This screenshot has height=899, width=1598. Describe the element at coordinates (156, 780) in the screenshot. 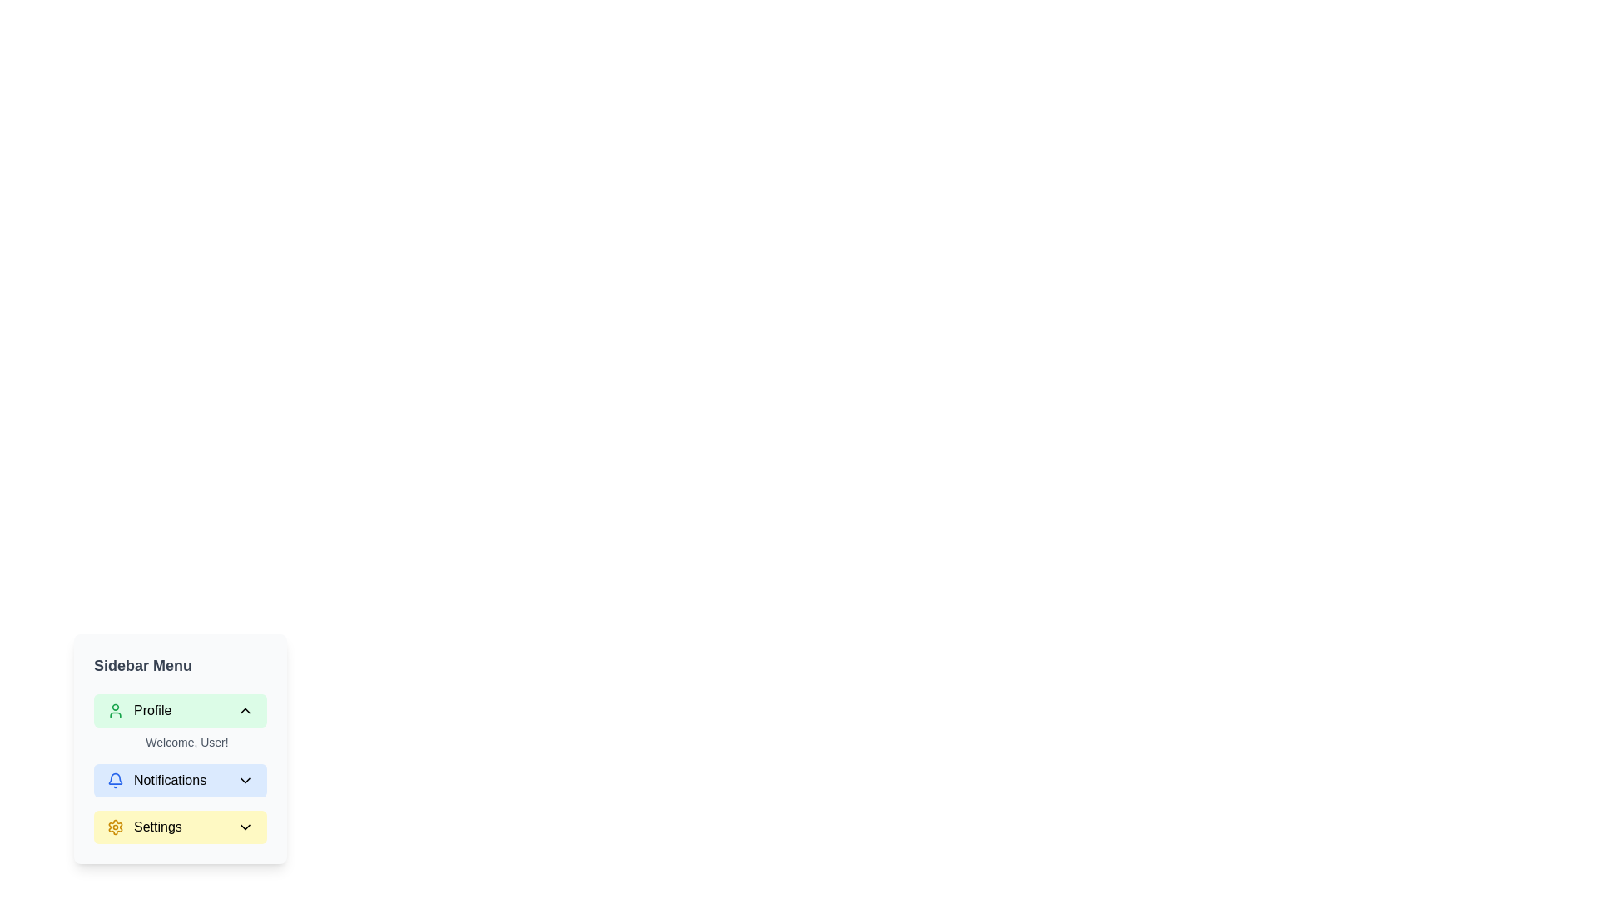

I see `the notifications text label located in the sidebar menu below the 'Profile' section and above the 'Settings' section` at that location.